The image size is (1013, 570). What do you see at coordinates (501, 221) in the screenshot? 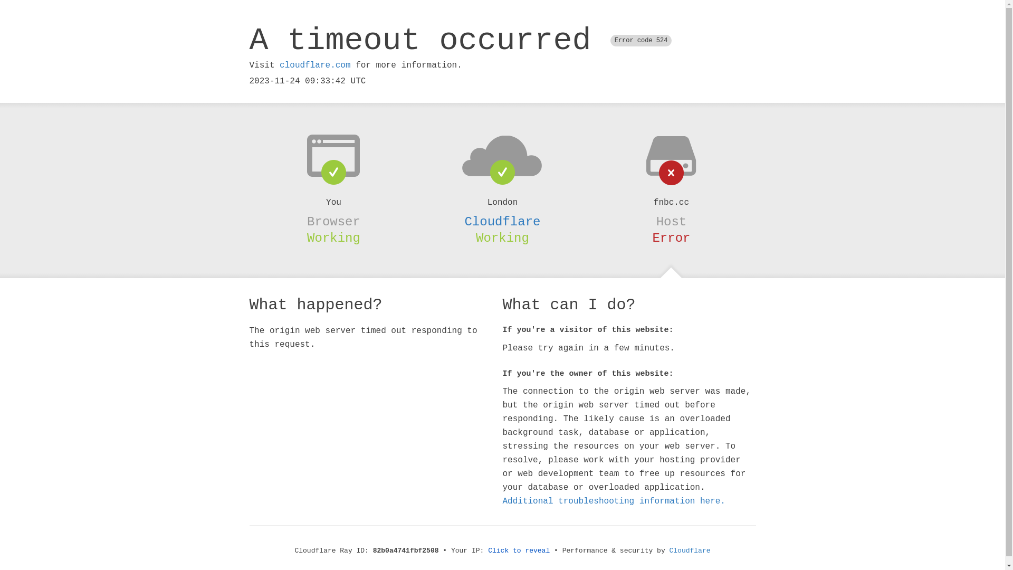
I see `'Cloudflare'` at bounding box center [501, 221].